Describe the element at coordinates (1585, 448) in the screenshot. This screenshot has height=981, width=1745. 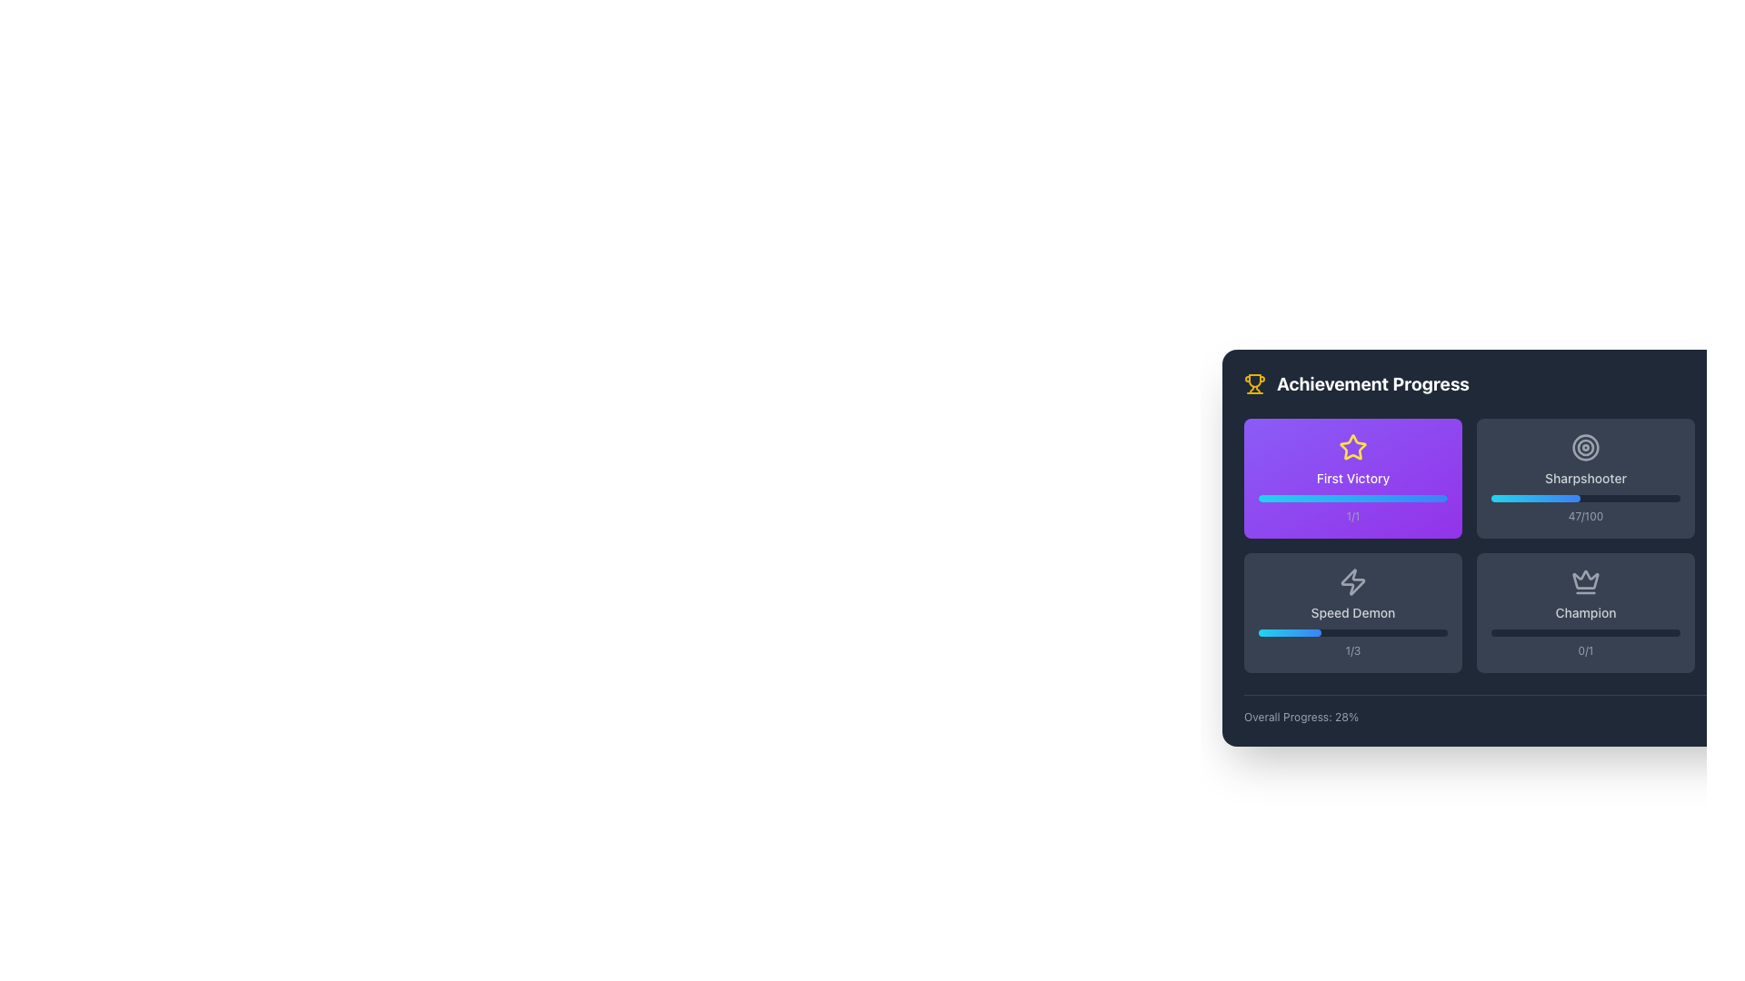
I see `the circular target icon within the Sharpshooter achievement card located in the top right corner of the achievements grid` at that location.